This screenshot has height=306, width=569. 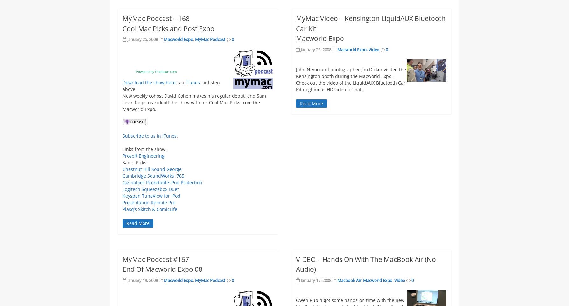 I want to click on 'End Of Macworld Expo 08', so click(x=122, y=269).